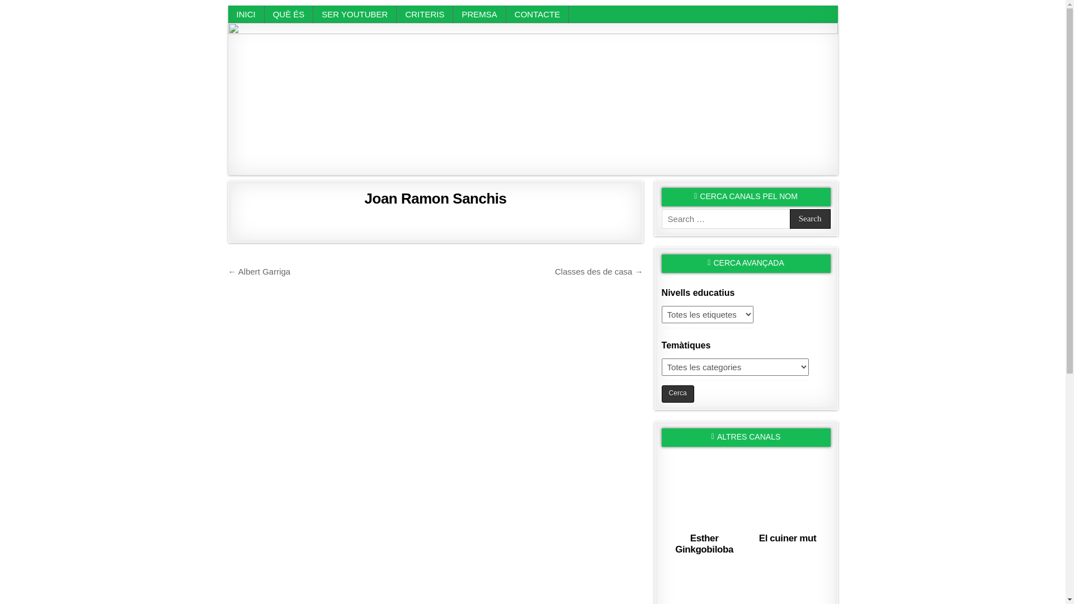 This screenshot has width=1074, height=604. I want to click on 'SER YOUTUBER', so click(354, 14).